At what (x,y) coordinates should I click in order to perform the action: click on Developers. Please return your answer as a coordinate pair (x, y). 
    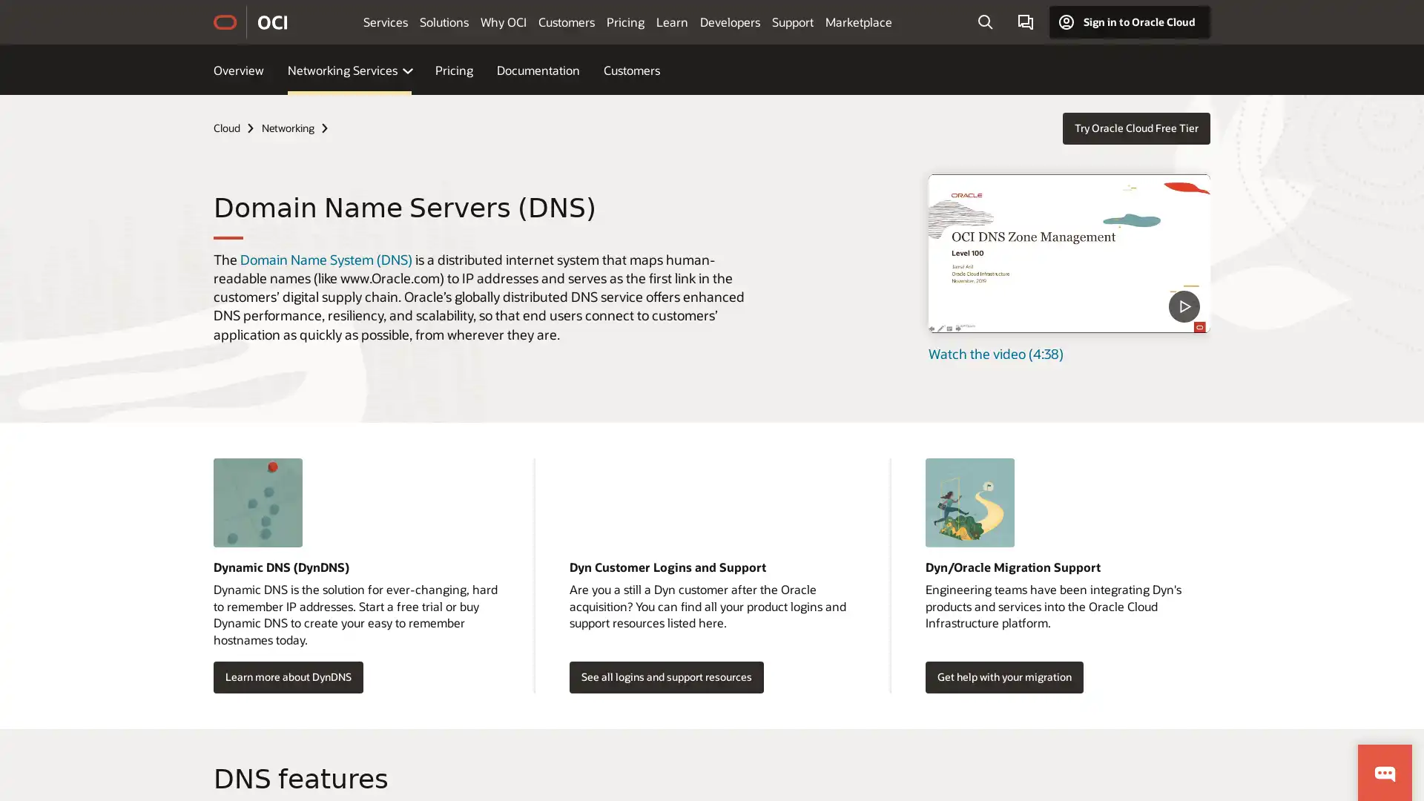
    Looking at the image, I should click on (730, 22).